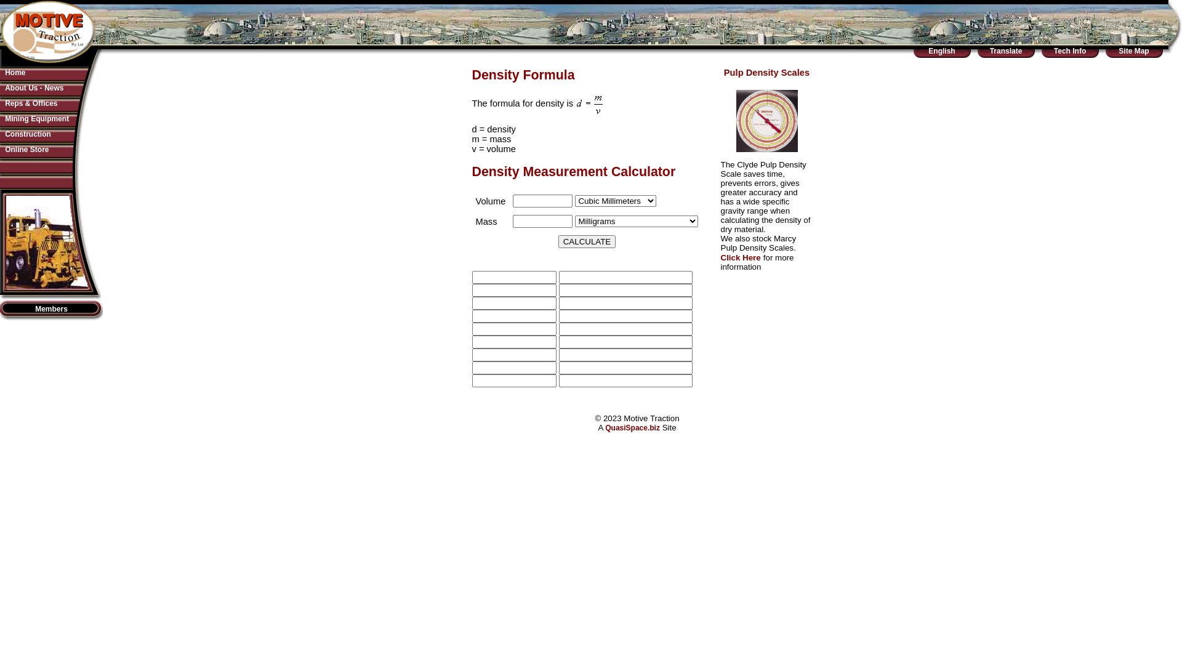  Describe the element at coordinates (5, 73) in the screenshot. I see `'Home'` at that location.